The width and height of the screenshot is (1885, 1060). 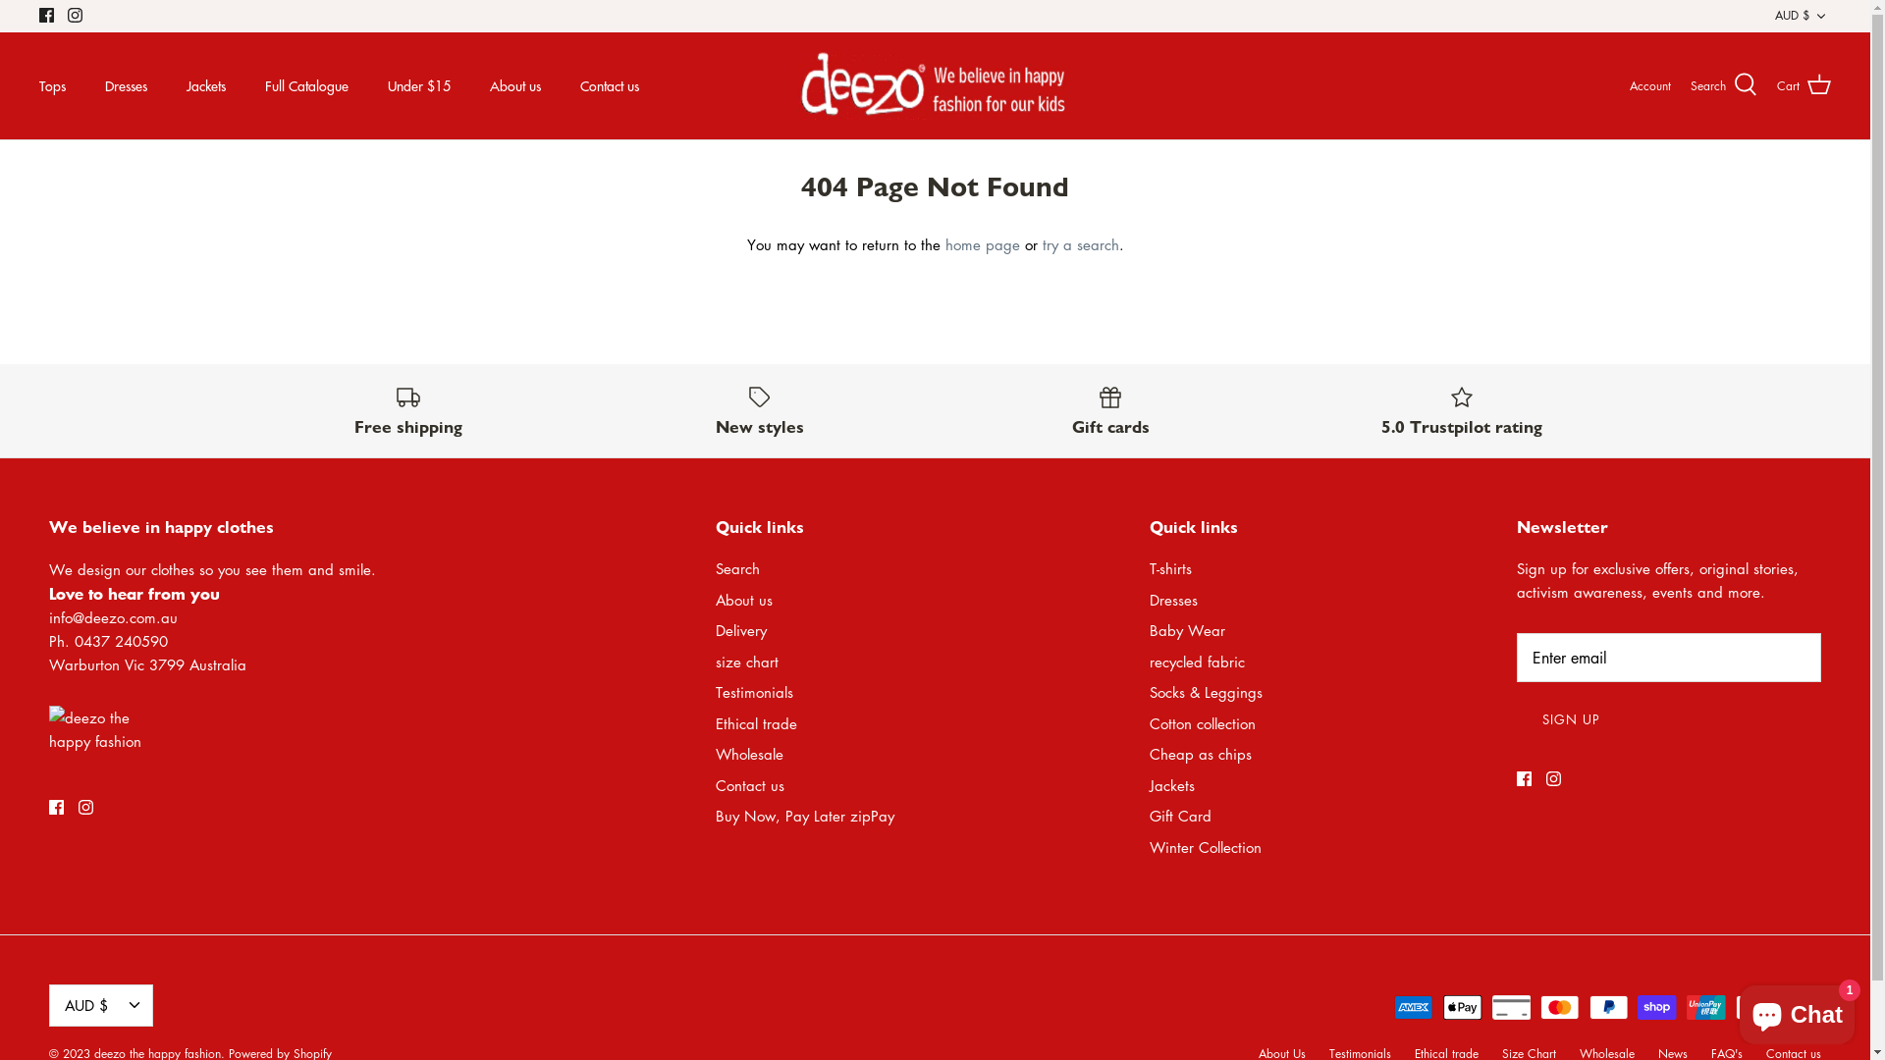 What do you see at coordinates (1804, 84) in the screenshot?
I see `'Cart'` at bounding box center [1804, 84].